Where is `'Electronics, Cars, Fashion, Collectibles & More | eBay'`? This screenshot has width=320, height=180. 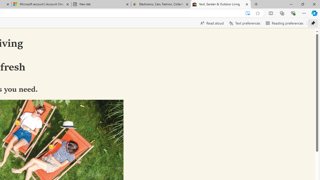 'Electronics, Cars, Fashion, Collectibles & More | eBay' is located at coordinates (161, 4).